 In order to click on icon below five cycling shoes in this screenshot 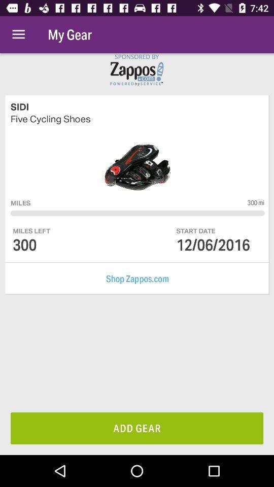, I will do `click(255, 202)`.